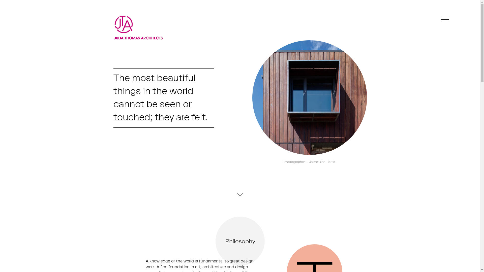  What do you see at coordinates (240, 194) in the screenshot?
I see `'Down'` at bounding box center [240, 194].